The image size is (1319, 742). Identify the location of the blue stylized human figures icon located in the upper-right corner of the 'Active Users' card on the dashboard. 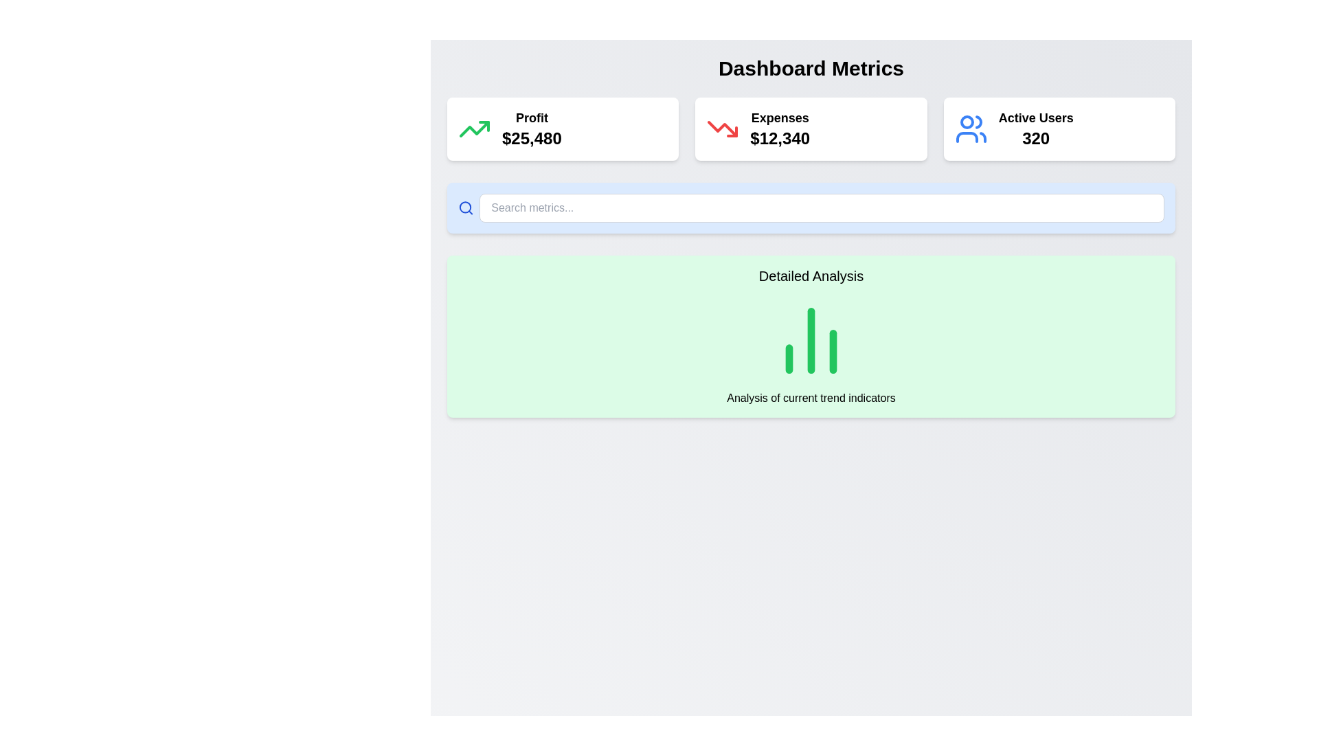
(970, 129).